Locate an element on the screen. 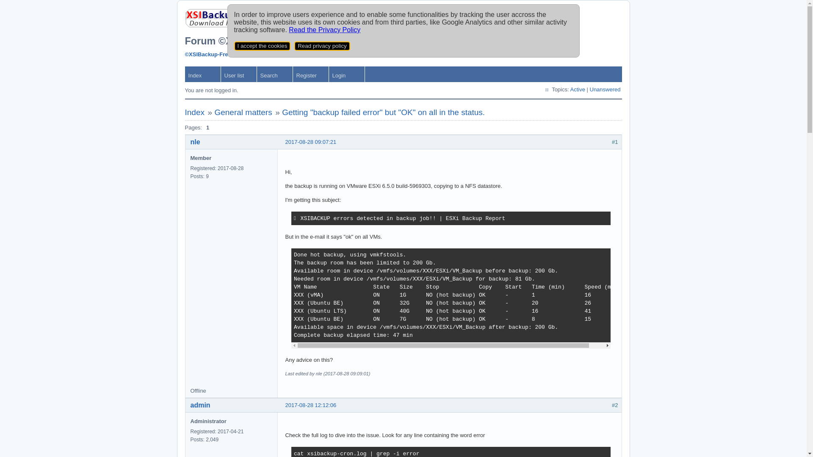  'Search' is located at coordinates (274, 74).